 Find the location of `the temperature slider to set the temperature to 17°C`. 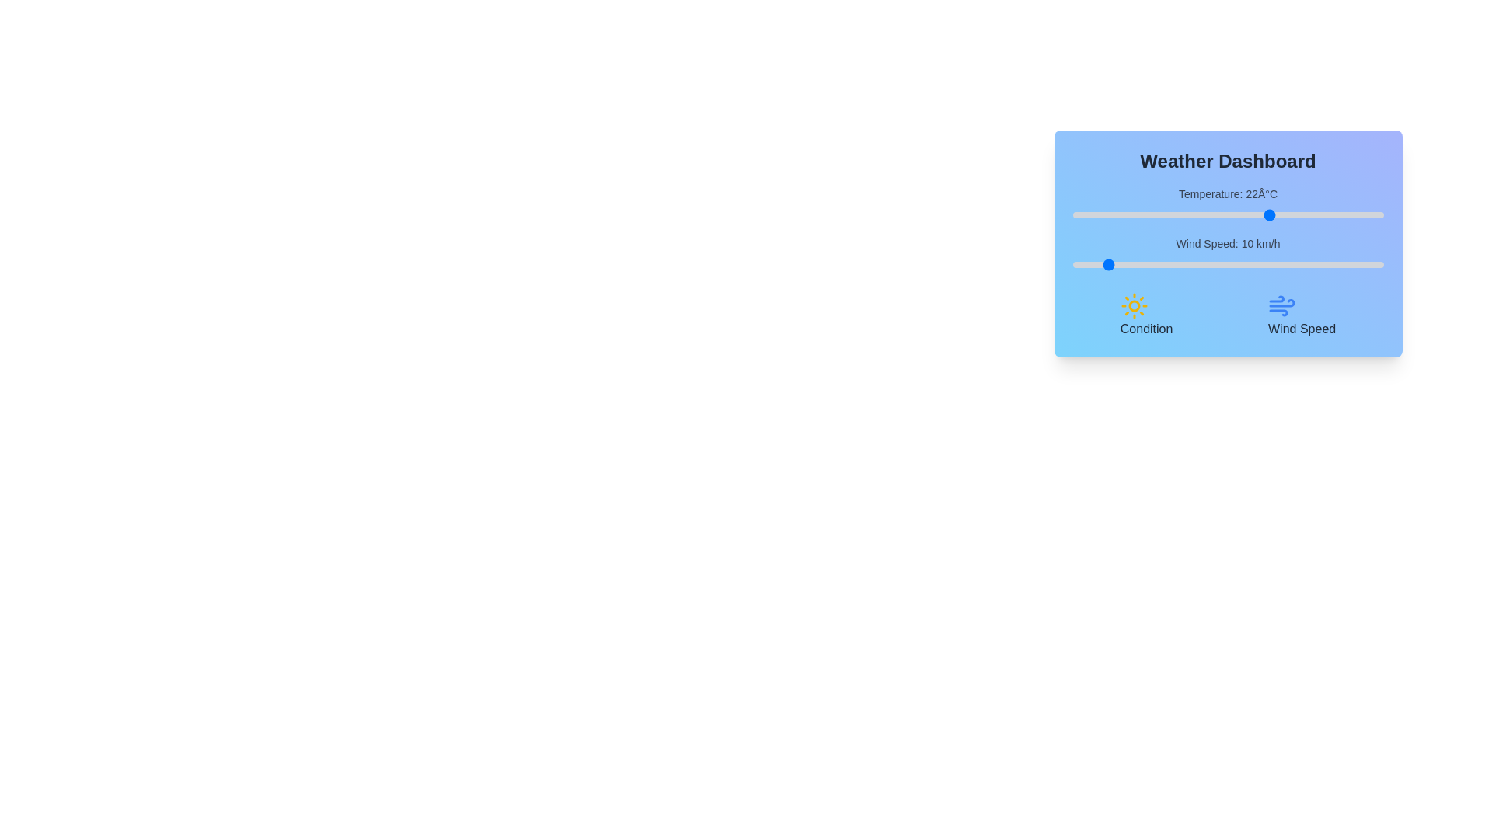

the temperature slider to set the temperature to 17°C is located at coordinates (1239, 215).